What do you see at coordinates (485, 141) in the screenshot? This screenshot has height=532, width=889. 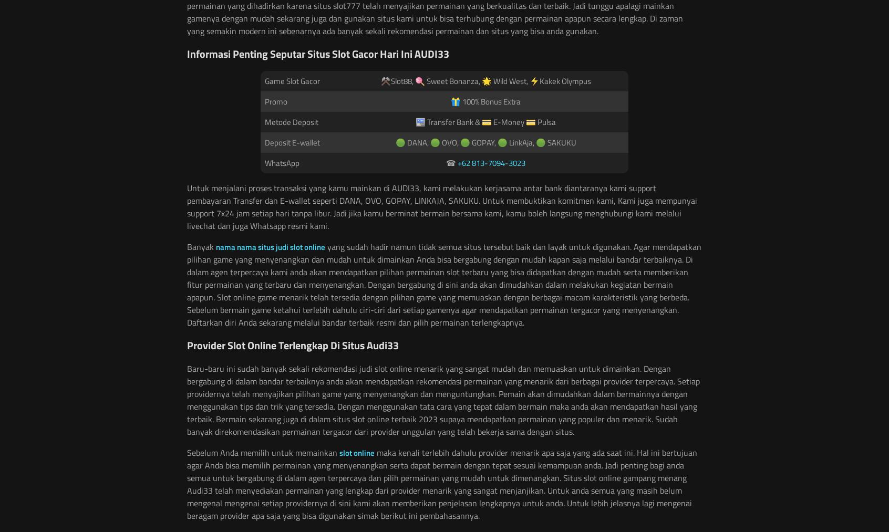 I see `'🟢 DANA, 🟢 OVO, 🟢 GOPAY, 🟢 LinkAja, 🟢 SAKUKU'` at bounding box center [485, 141].